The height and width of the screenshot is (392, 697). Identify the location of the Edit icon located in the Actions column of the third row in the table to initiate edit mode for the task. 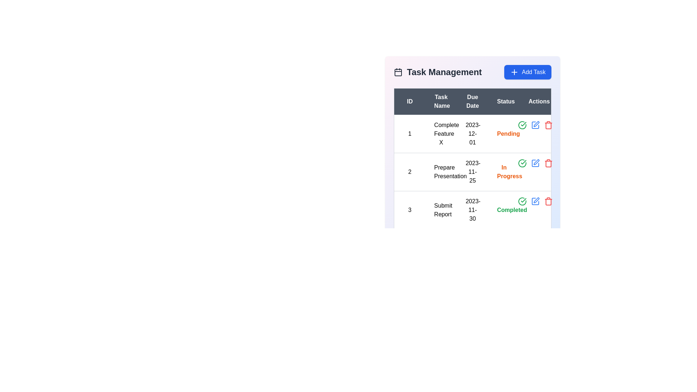
(537, 200).